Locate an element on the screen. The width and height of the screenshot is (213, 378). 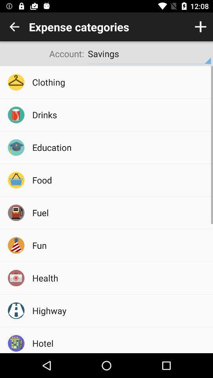
item below the highway item is located at coordinates (120, 343).